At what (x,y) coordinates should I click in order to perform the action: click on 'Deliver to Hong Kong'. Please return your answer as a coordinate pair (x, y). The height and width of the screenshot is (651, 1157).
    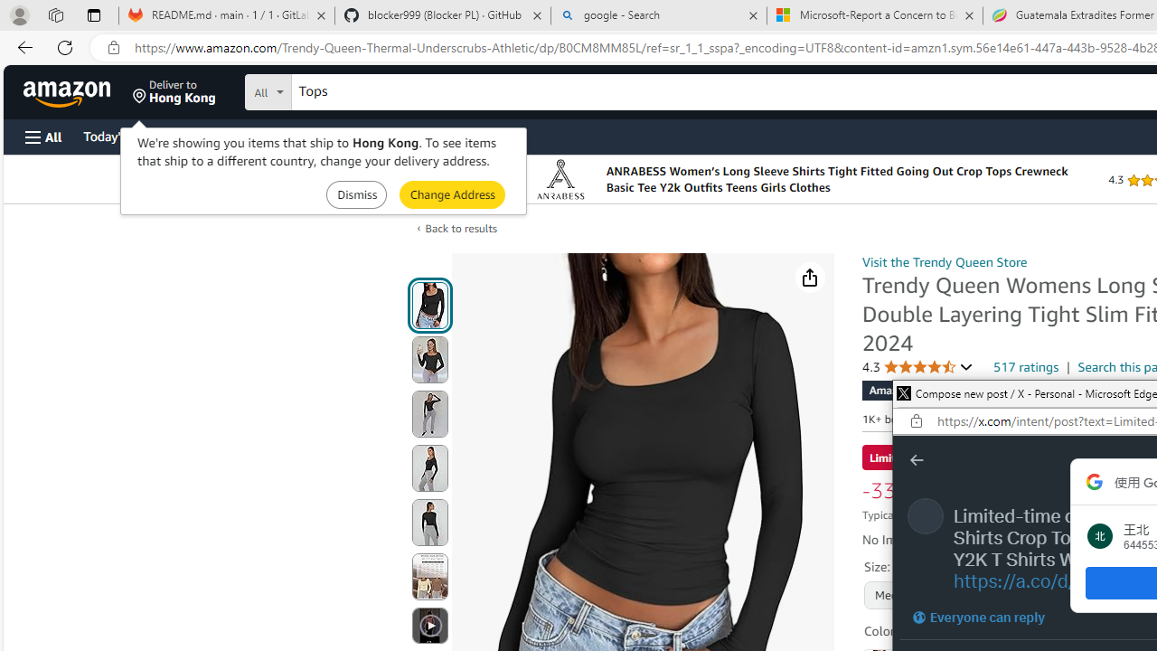
    Looking at the image, I should click on (174, 91).